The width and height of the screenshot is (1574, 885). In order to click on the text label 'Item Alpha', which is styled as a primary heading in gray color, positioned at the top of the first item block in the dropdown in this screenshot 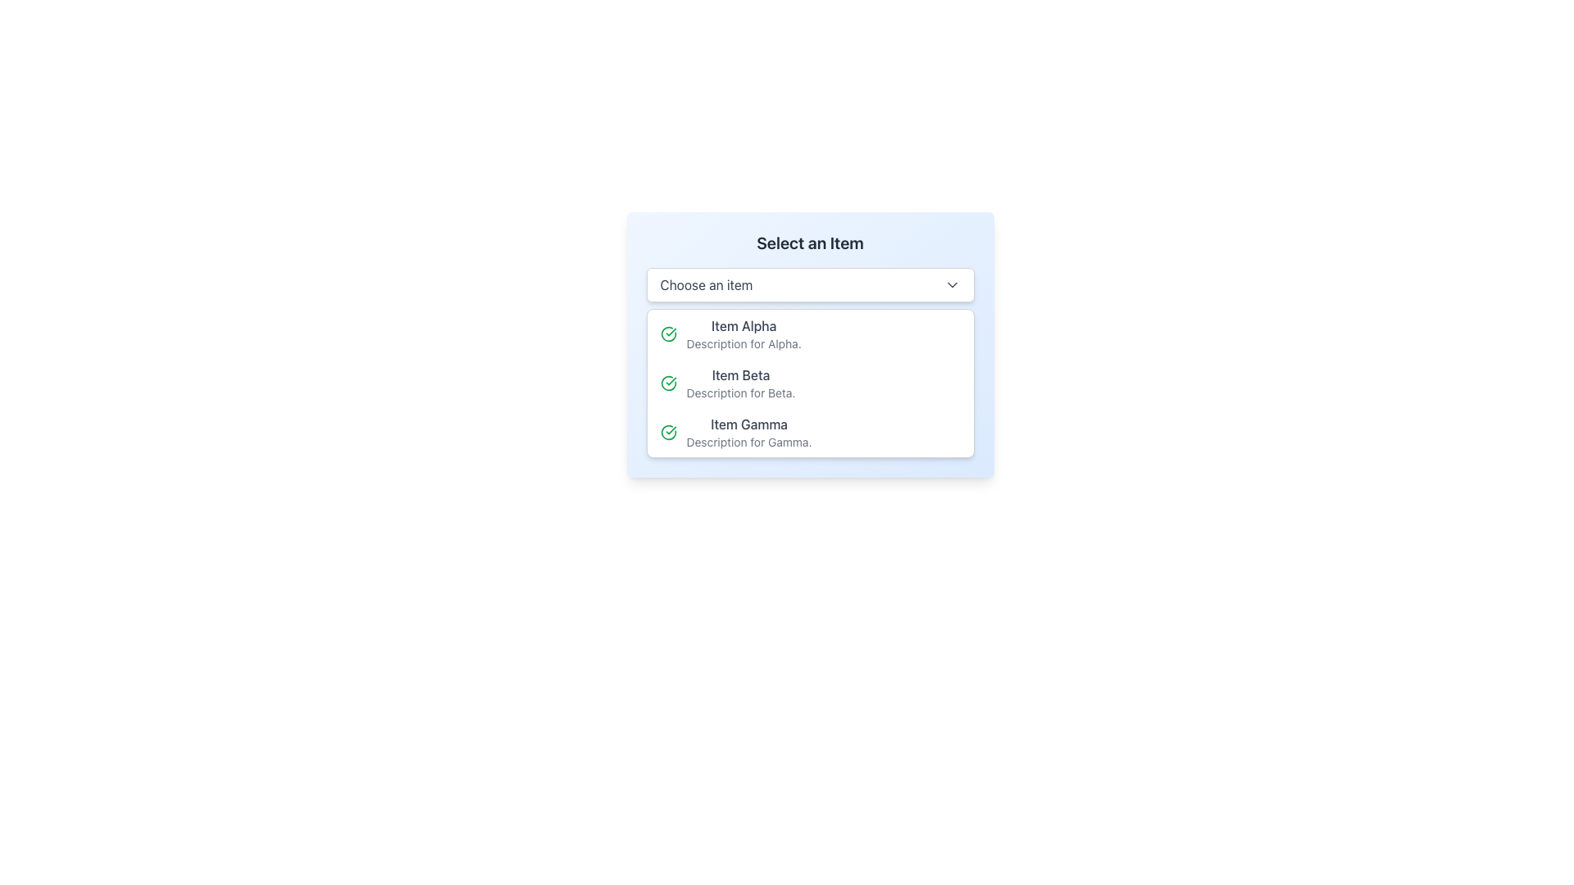, I will do `click(743, 325)`.